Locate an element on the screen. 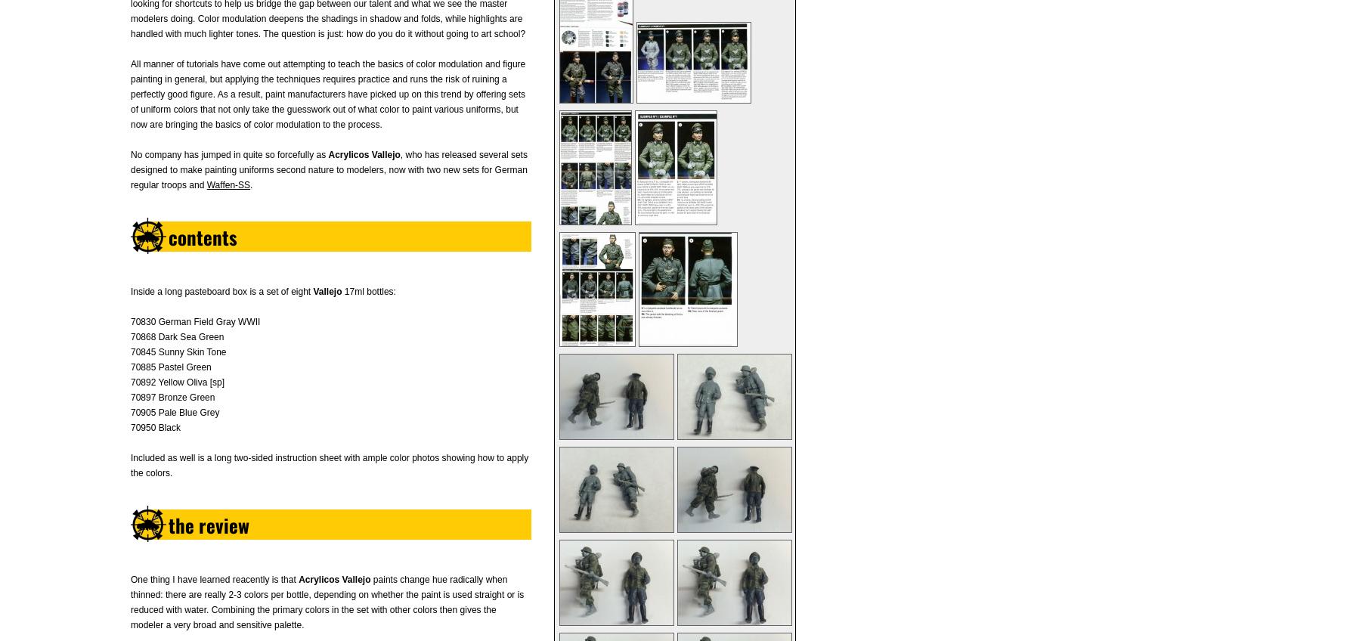  '17ml bottles:' is located at coordinates (367, 292).